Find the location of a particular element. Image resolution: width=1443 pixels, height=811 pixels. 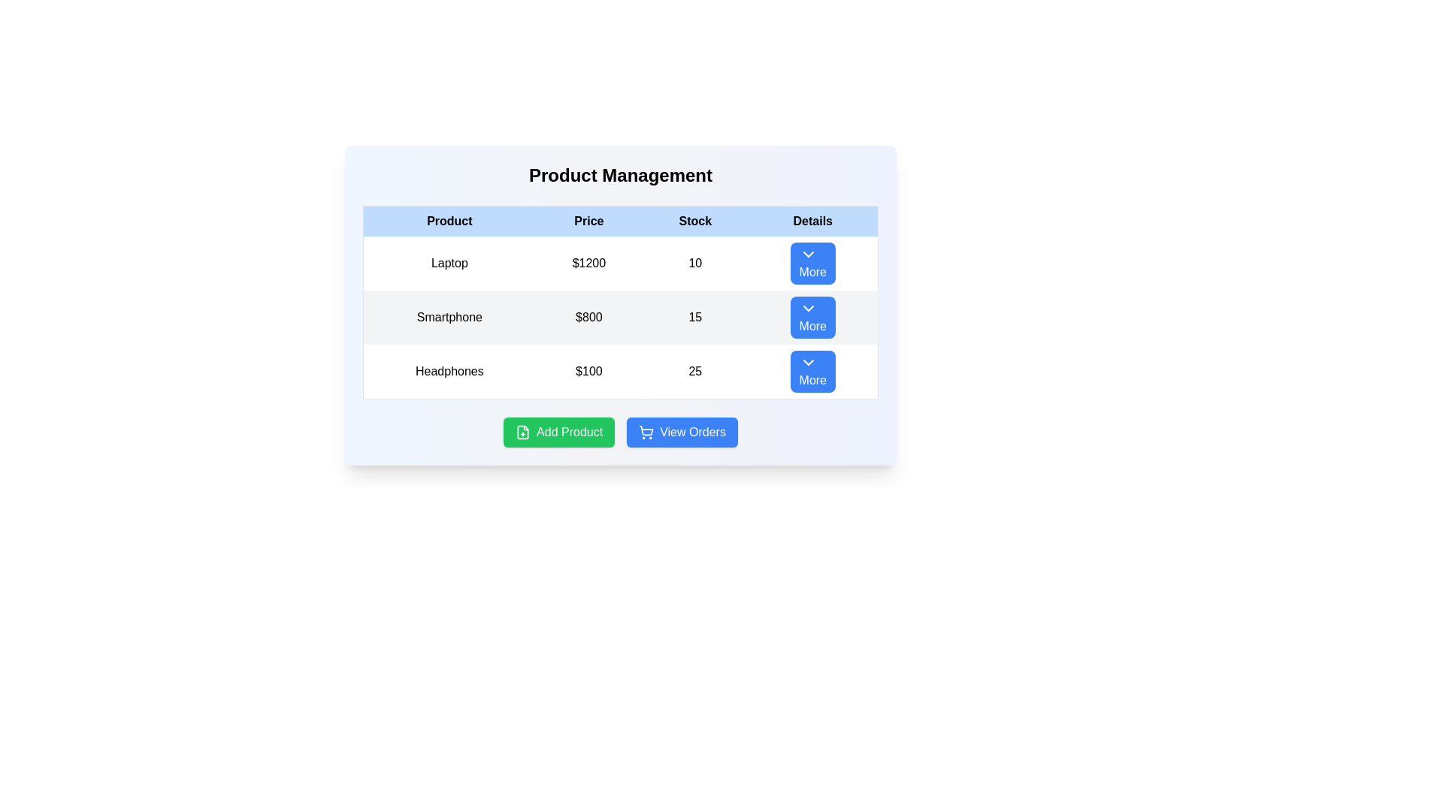

the price text label for the 'Laptop' product located in the second column of the product details table under the 'Price' header is located at coordinates (588, 263).